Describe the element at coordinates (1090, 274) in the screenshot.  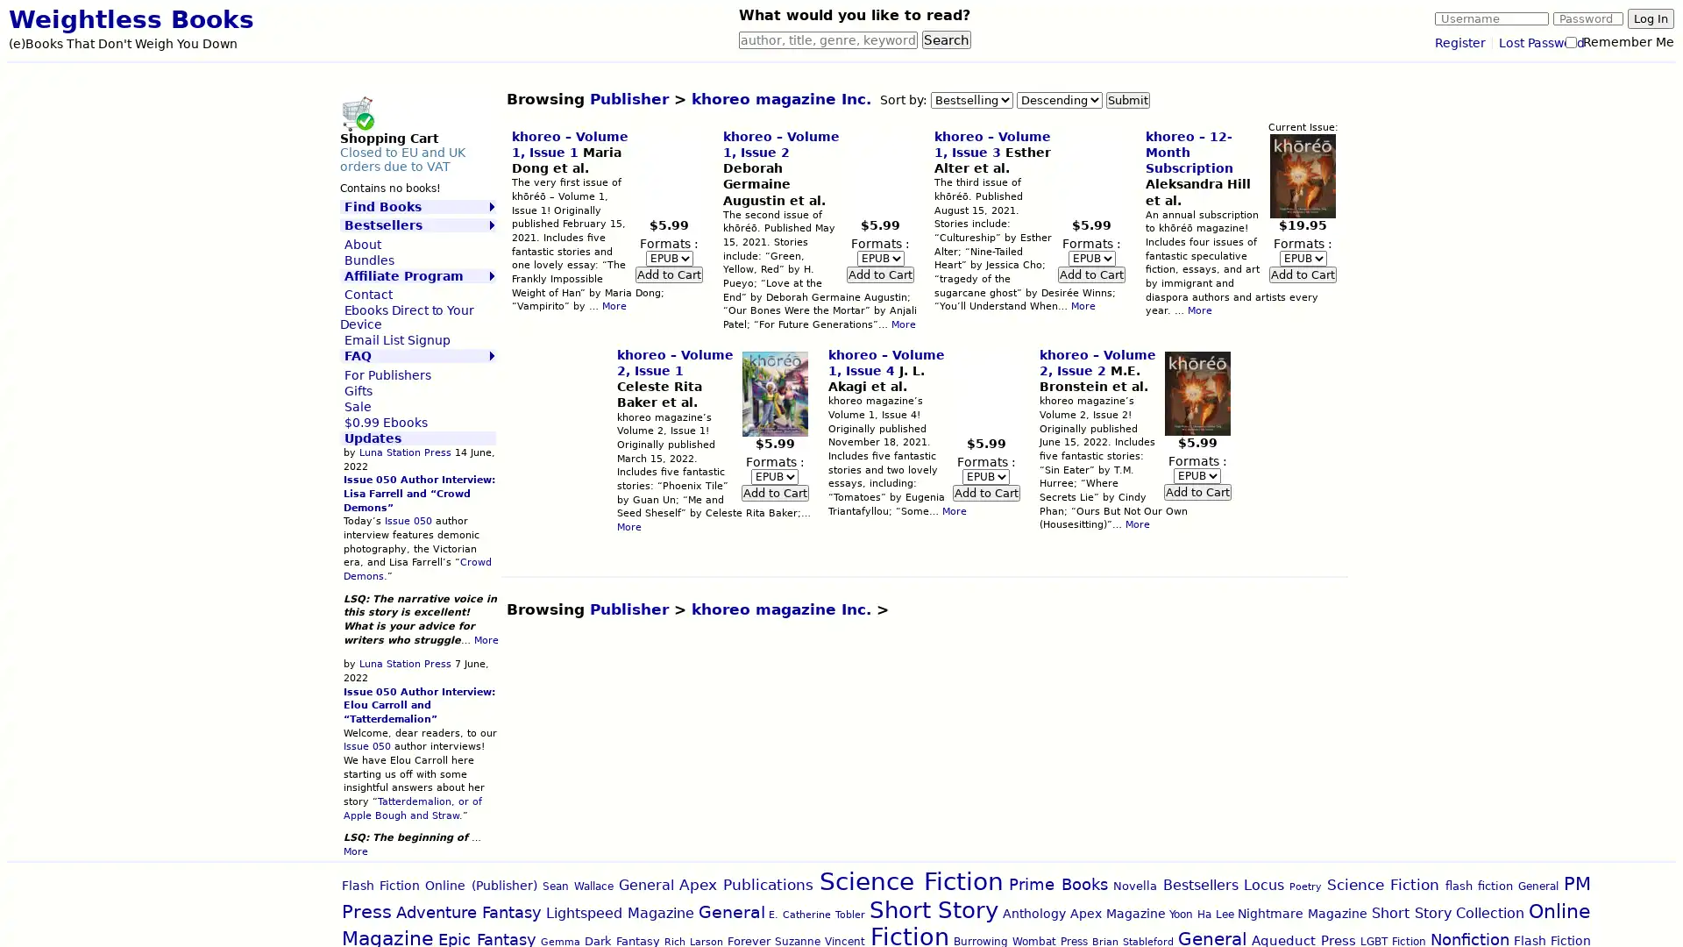
I see `Add to Cart` at that location.